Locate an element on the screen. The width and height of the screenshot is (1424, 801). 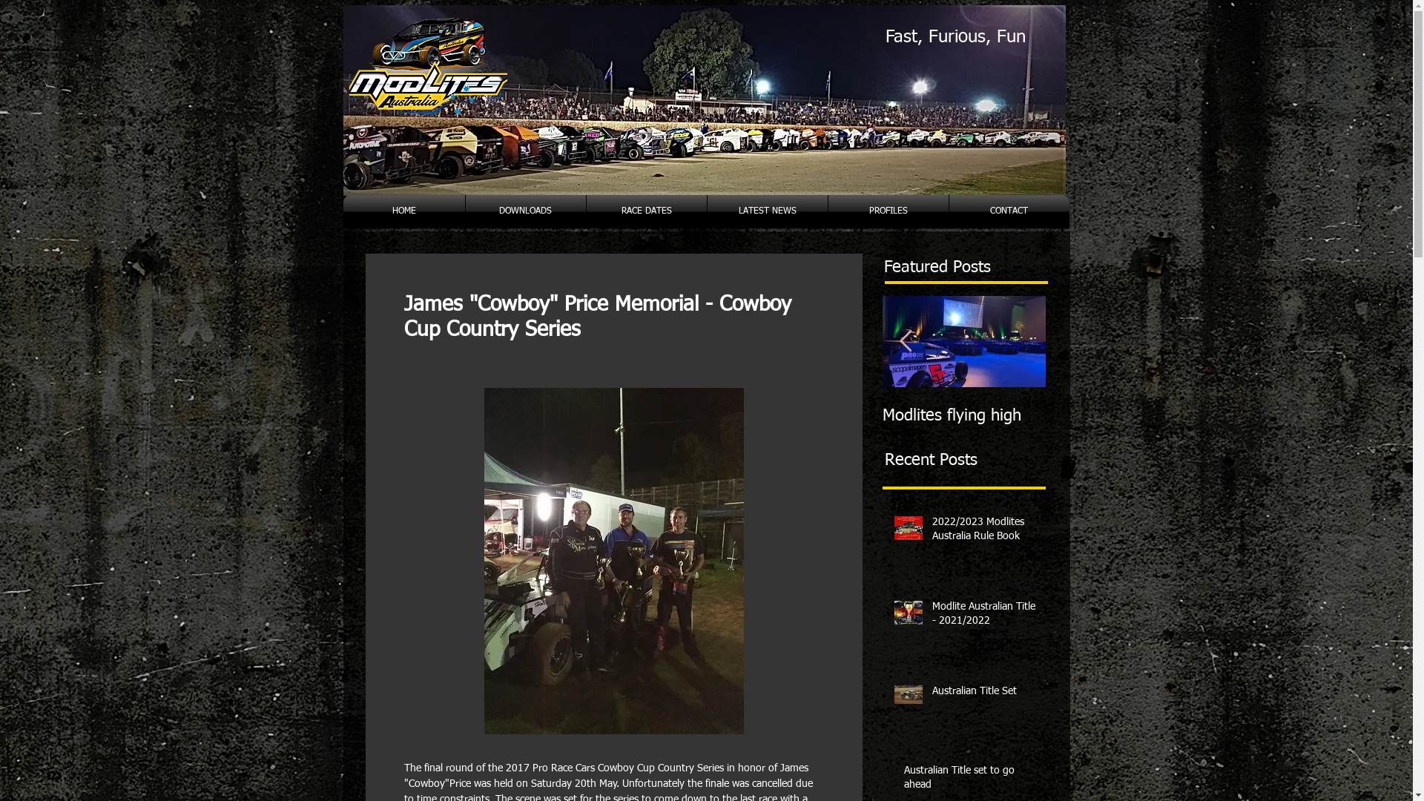
'DOWNLOADS' is located at coordinates (526, 211).